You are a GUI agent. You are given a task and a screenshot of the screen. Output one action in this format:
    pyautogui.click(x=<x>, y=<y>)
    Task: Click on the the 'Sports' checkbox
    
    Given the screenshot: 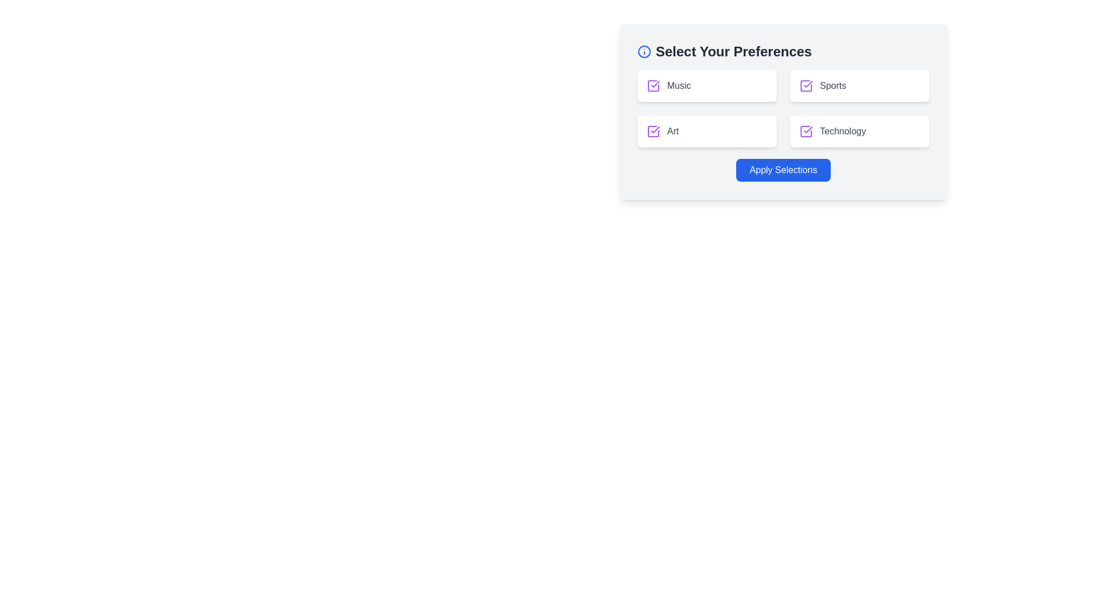 What is the action you would take?
    pyautogui.click(x=859, y=85)
    